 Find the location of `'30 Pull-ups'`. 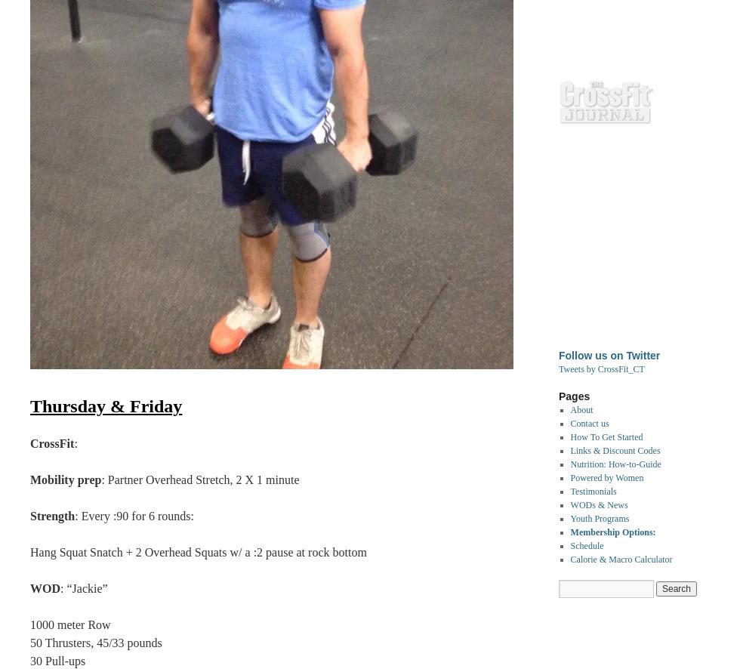

'30 Pull-ups' is located at coordinates (29, 660).